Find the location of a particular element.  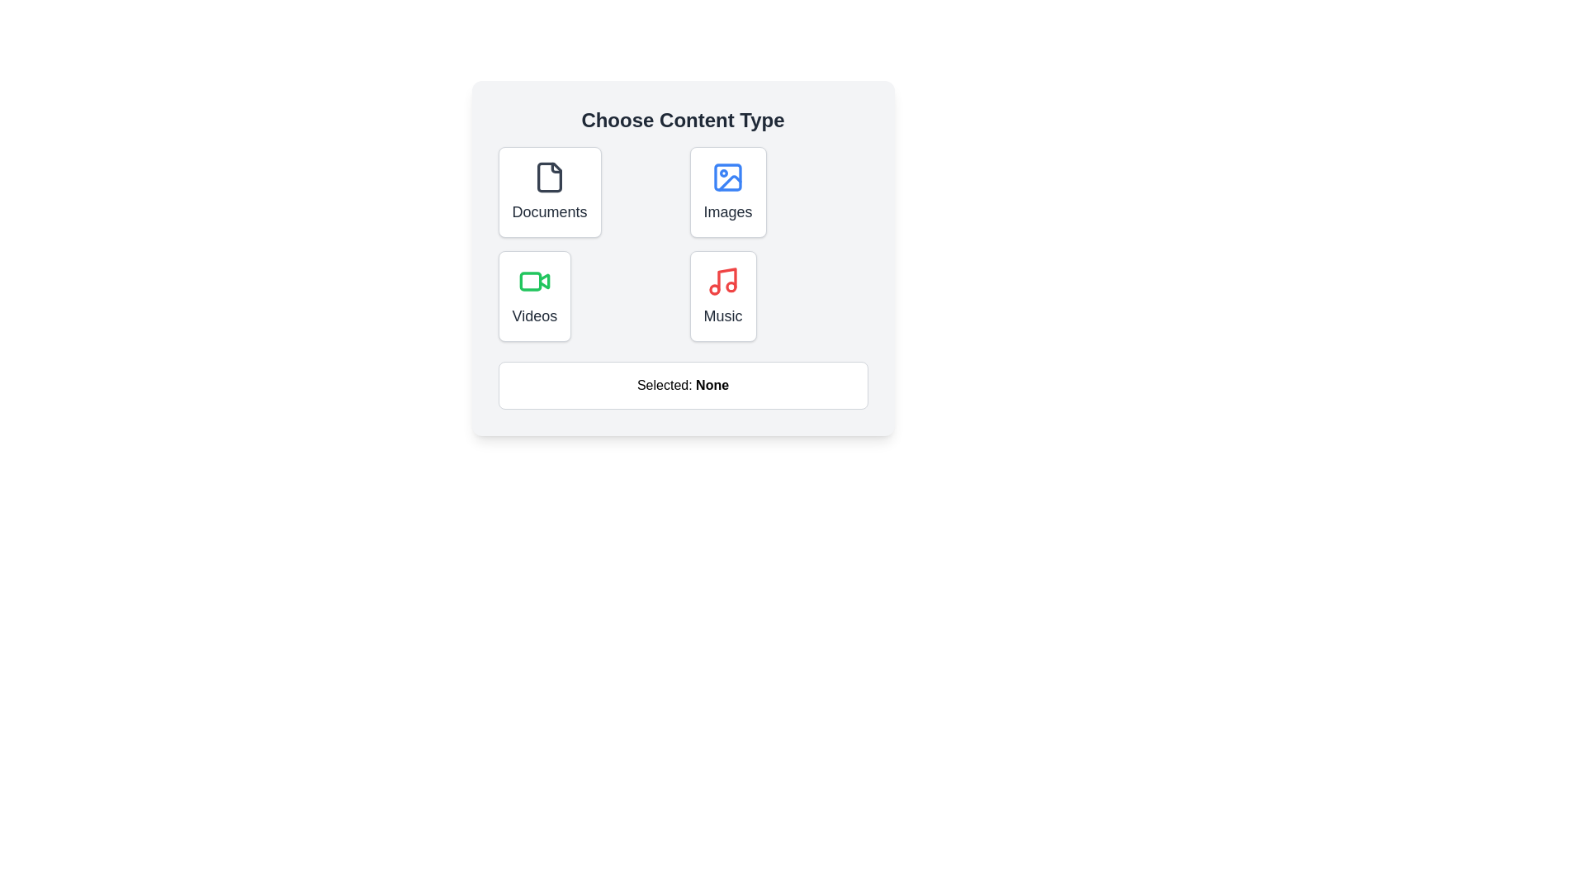

the button labeled 'Videos' to observe its hover effect is located at coordinates (535, 295).